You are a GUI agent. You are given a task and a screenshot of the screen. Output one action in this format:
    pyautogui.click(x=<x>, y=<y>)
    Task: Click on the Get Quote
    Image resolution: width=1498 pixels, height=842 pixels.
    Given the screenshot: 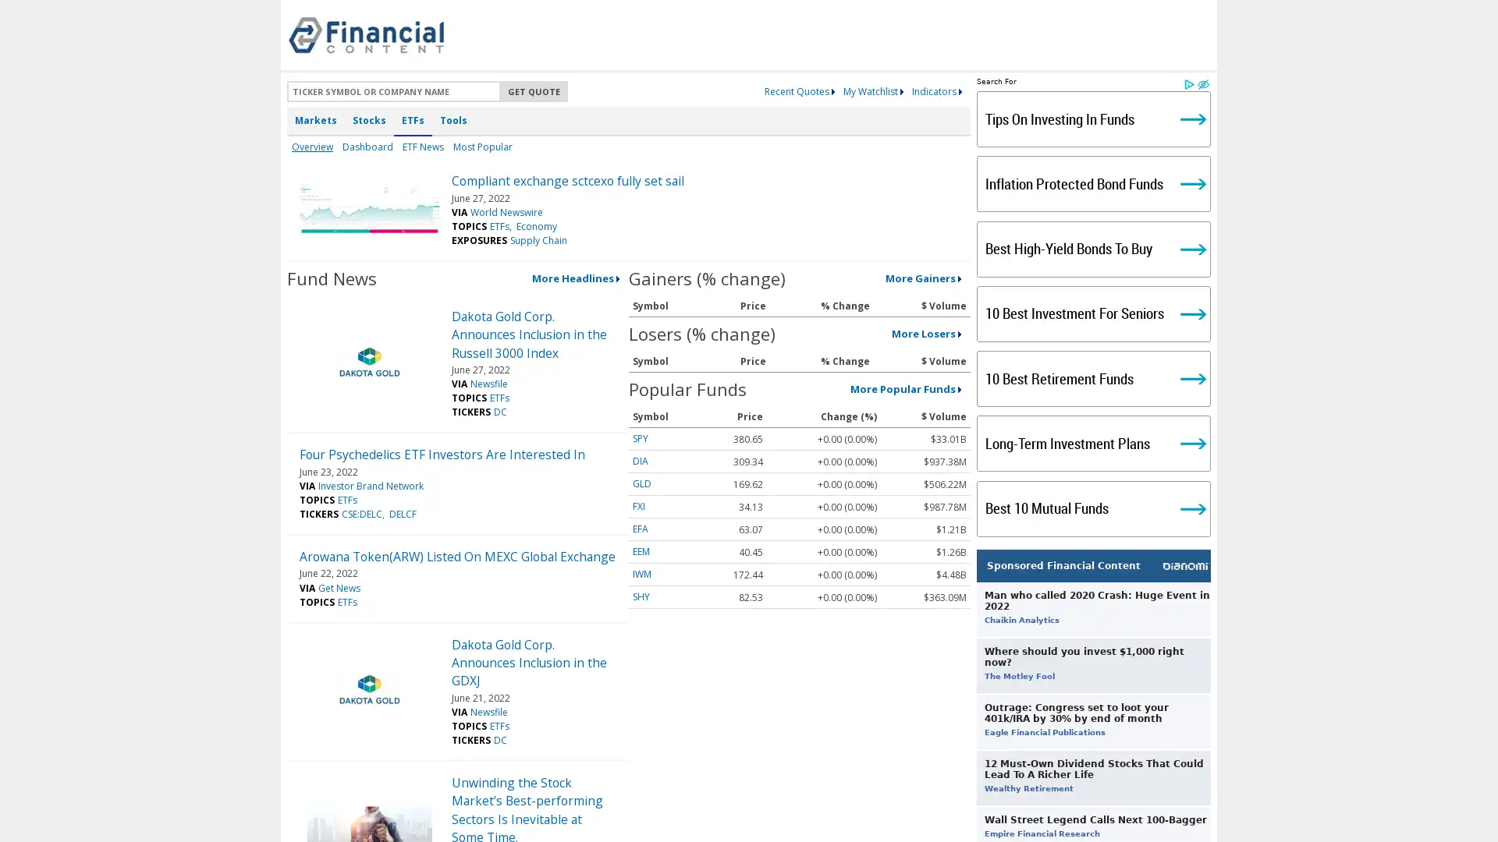 What is the action you would take?
    pyautogui.click(x=534, y=91)
    